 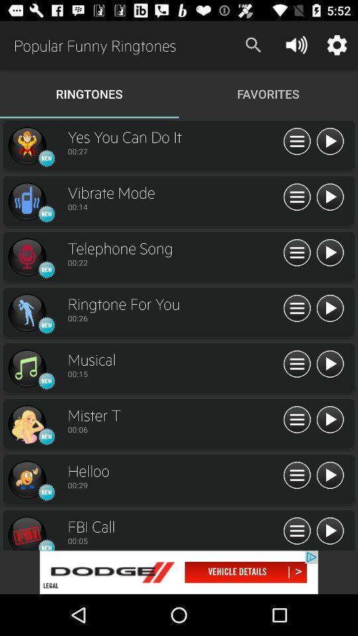 I want to click on next, so click(x=329, y=309).